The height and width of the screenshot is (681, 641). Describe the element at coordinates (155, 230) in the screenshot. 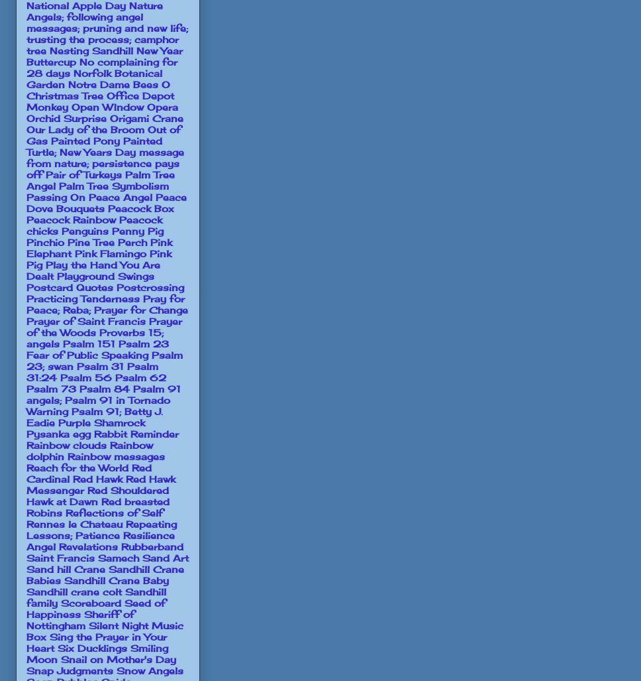

I see `'Pig'` at that location.